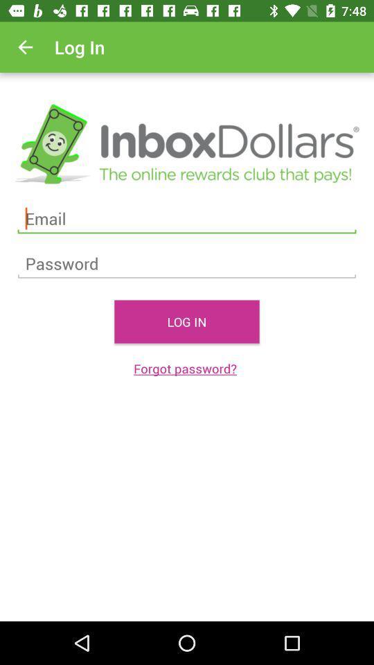 This screenshot has height=665, width=374. Describe the element at coordinates (25, 47) in the screenshot. I see `the app next to the log in item` at that location.